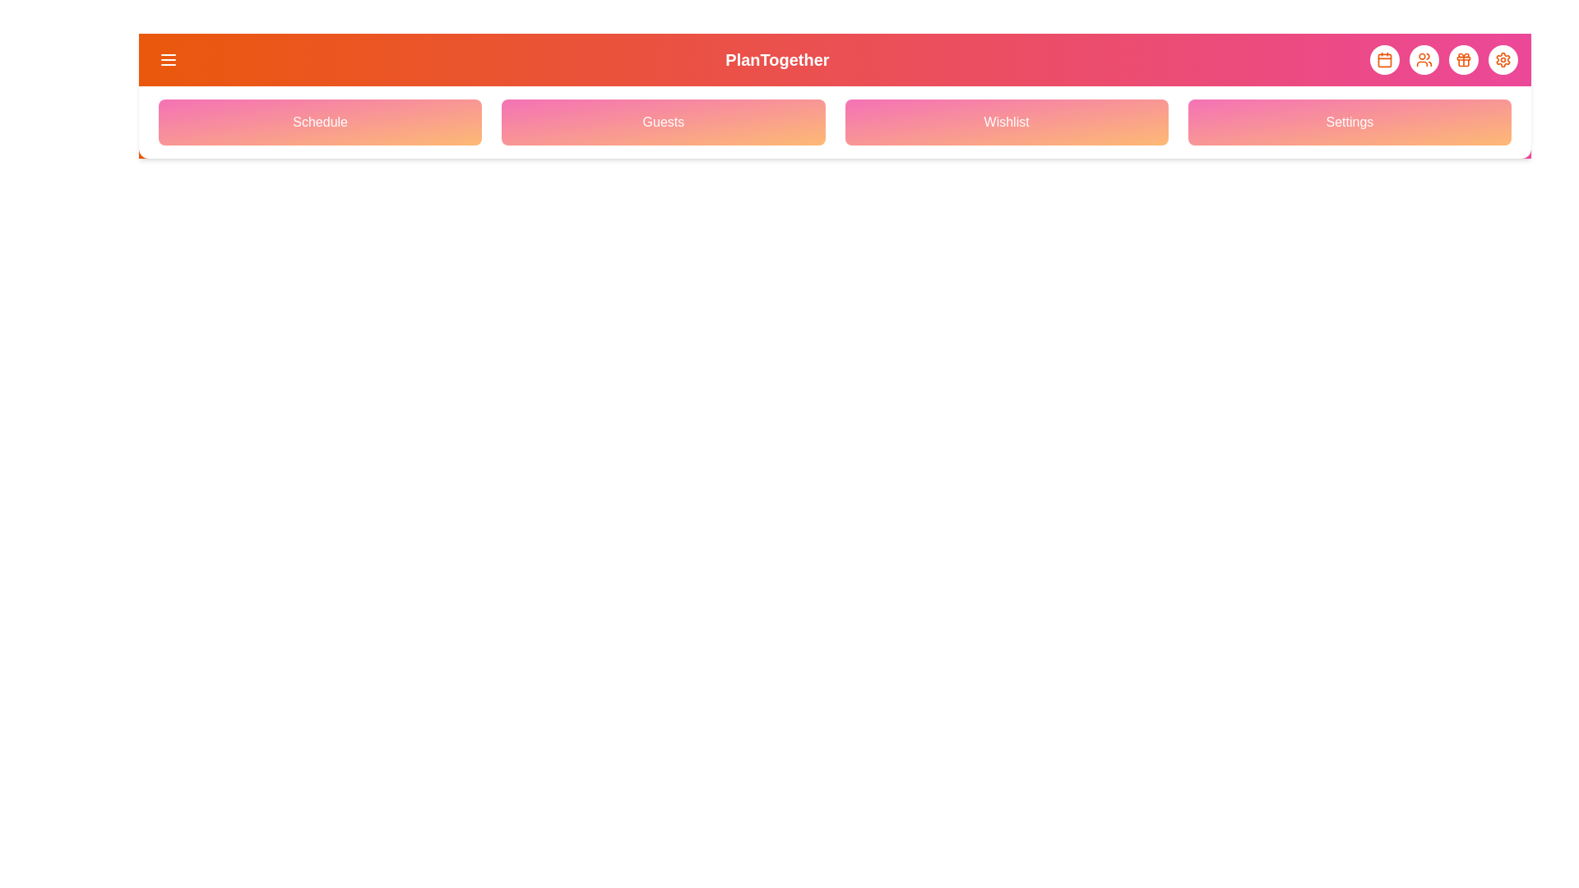 Image resolution: width=1579 pixels, height=888 pixels. I want to click on the header button corresponding to Gift, so click(1464, 59).